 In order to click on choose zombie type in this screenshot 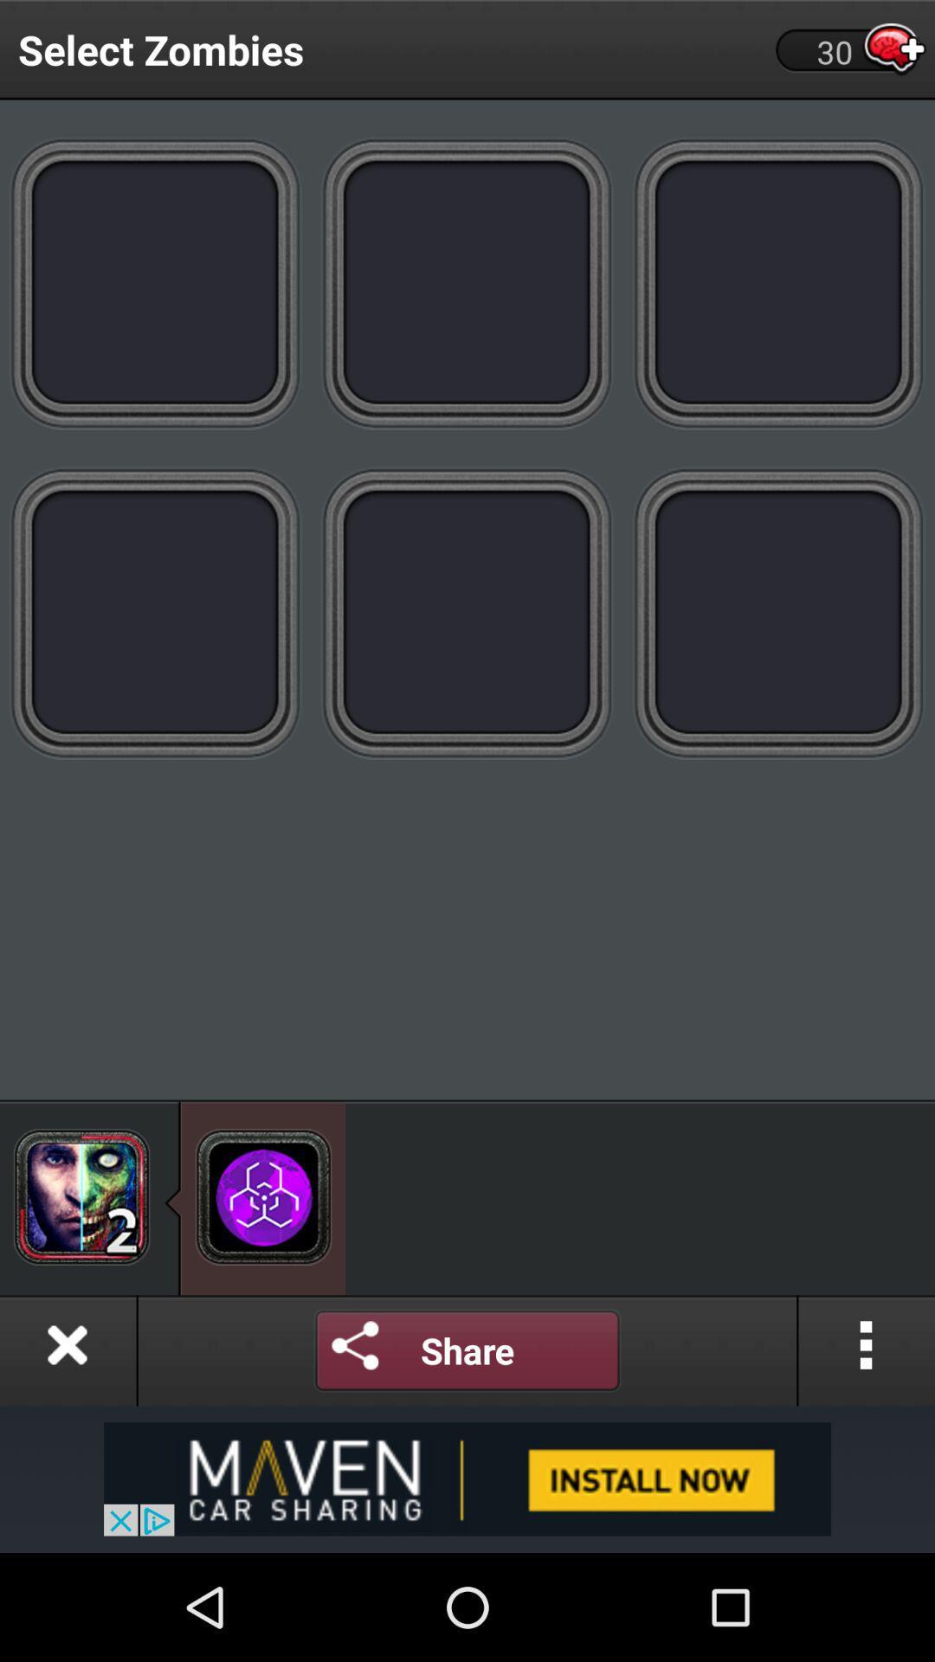, I will do `click(156, 282)`.